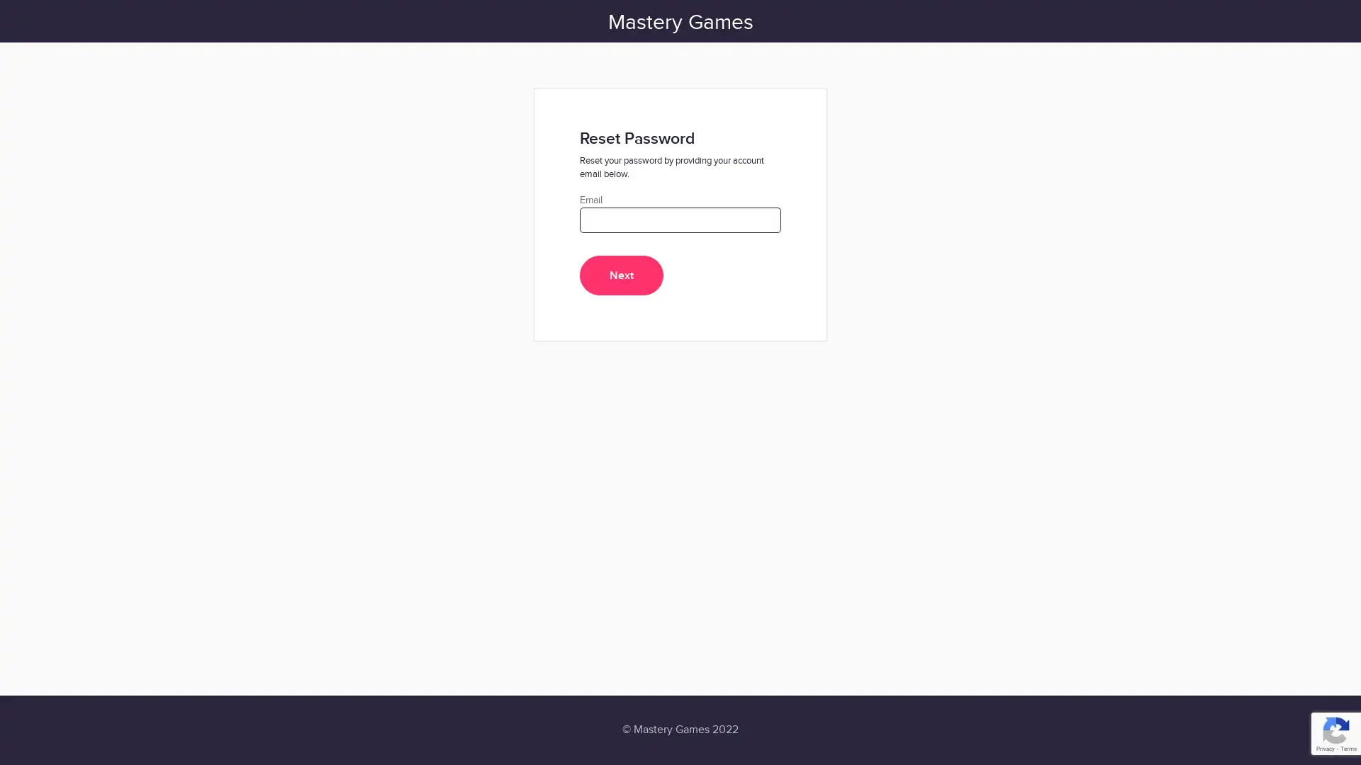 This screenshot has width=1361, height=765. I want to click on Next, so click(622, 276).